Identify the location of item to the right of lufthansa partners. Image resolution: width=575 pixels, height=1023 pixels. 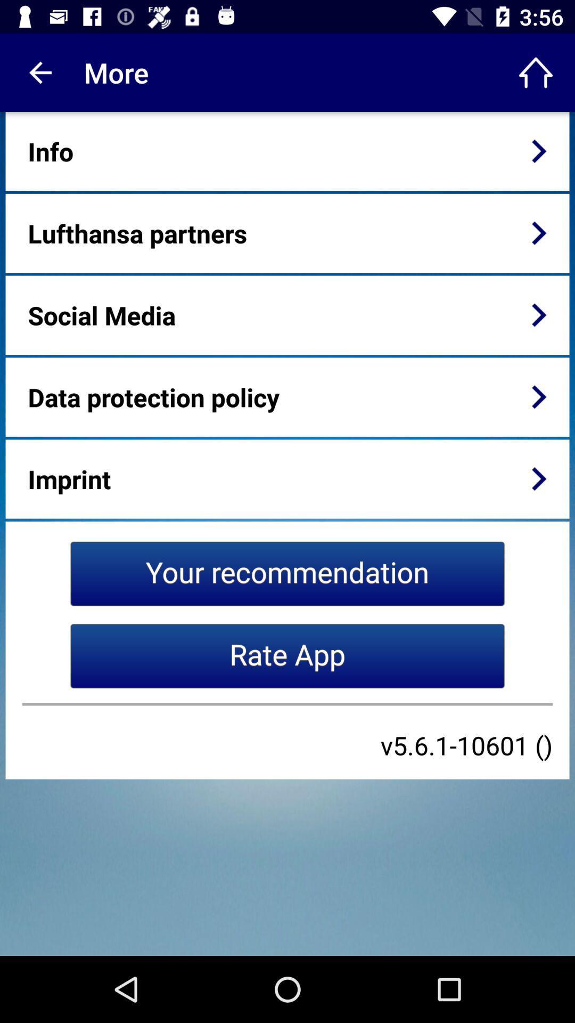
(539, 232).